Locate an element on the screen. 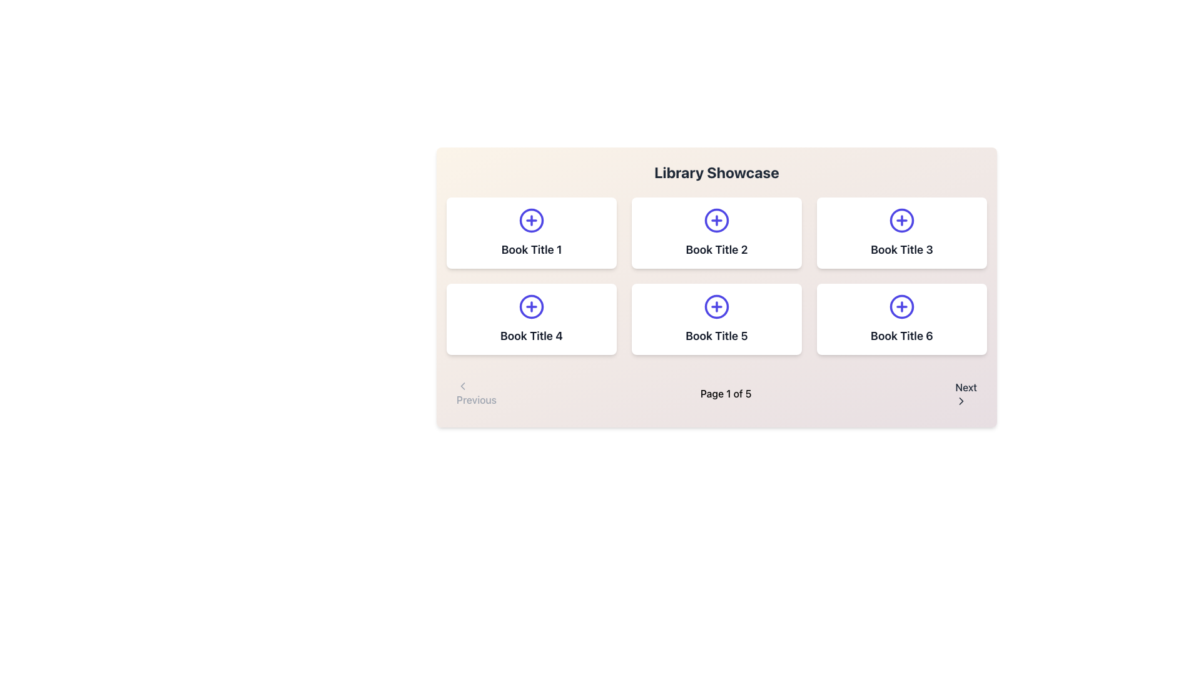 This screenshot has width=1201, height=675. the text label indicating the title of a book, which is positioned in the second row and third column of a 2x3 grid, providing information about the associated book item is located at coordinates (901, 250).